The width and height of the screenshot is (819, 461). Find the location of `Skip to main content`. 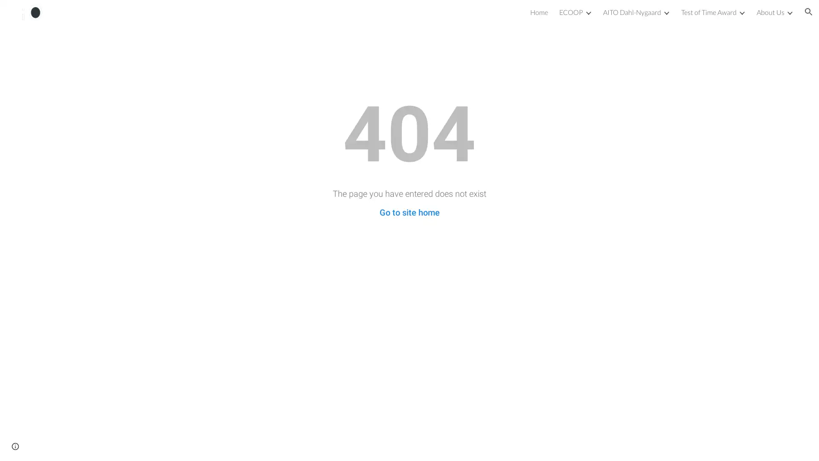

Skip to main content is located at coordinates (336, 16).